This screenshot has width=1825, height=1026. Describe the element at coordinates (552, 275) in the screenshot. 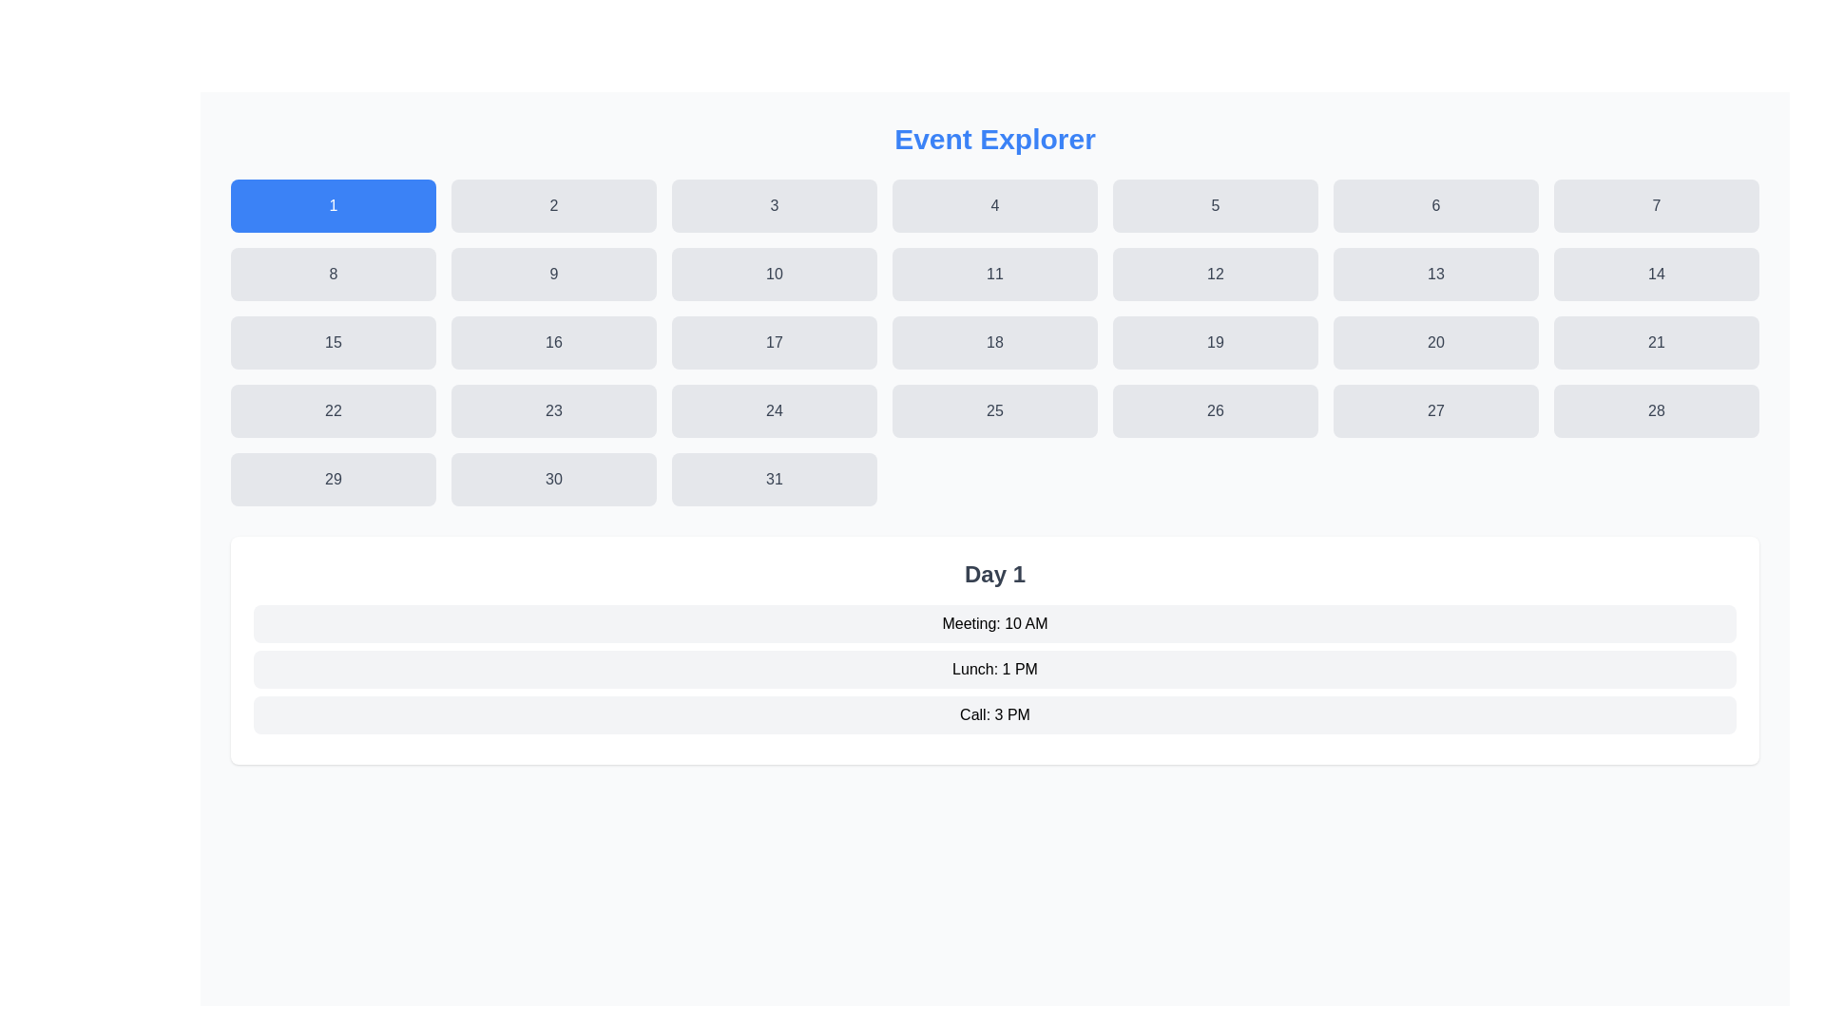

I see `the rectangular button with rounded corners labeled '9' to scale it visually` at that location.